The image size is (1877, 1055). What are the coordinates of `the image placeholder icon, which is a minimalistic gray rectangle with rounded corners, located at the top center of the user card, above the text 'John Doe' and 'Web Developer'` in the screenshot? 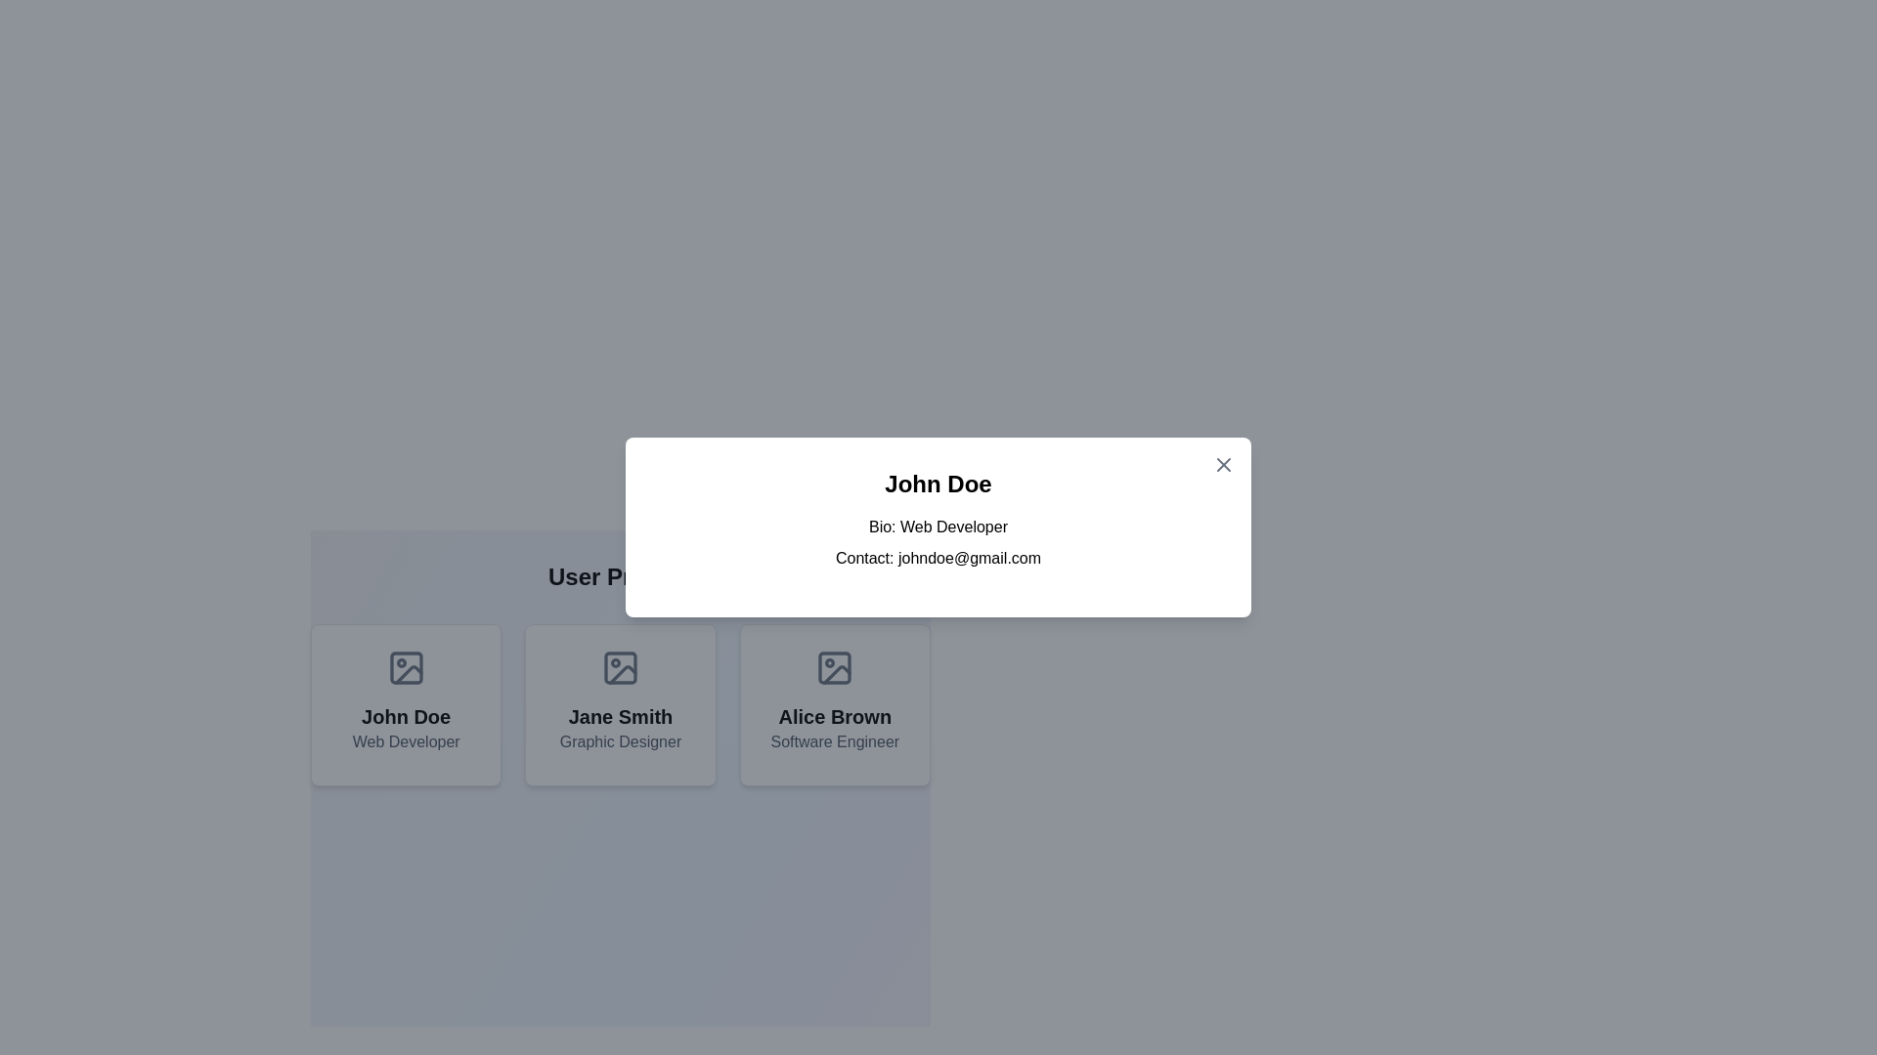 It's located at (405, 666).